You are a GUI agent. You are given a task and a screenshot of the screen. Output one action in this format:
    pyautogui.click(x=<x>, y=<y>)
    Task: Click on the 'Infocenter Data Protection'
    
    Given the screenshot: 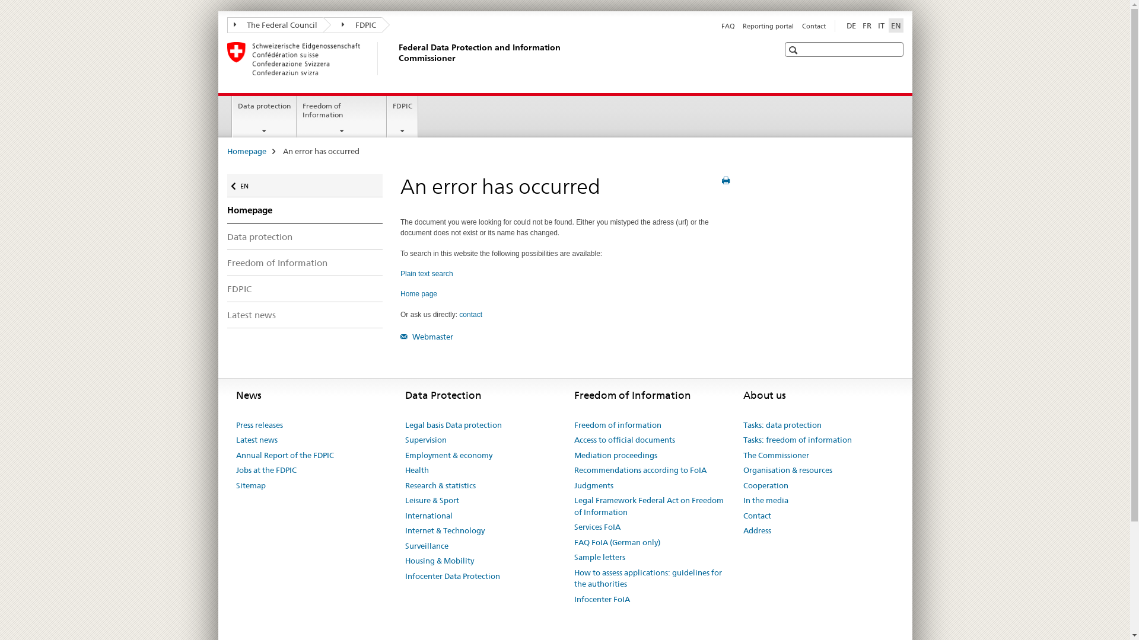 What is the action you would take?
    pyautogui.click(x=451, y=575)
    